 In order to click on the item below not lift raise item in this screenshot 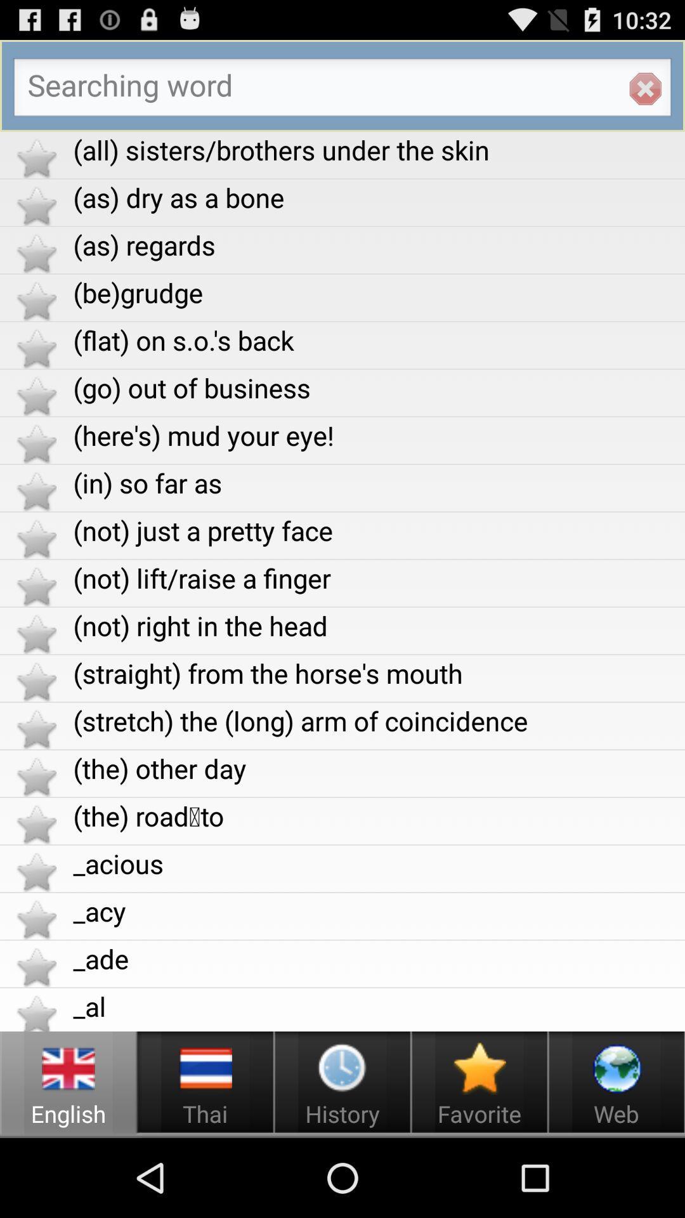, I will do `click(378, 625)`.